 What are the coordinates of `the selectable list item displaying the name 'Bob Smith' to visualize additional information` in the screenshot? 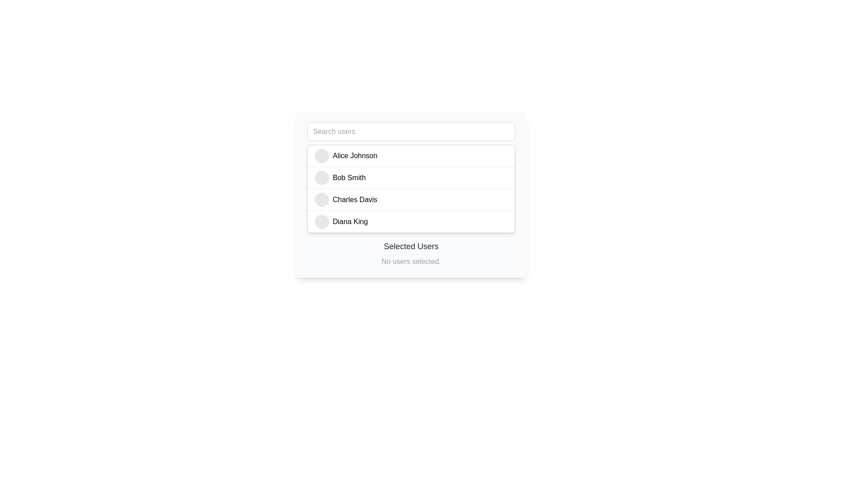 It's located at (410, 177).